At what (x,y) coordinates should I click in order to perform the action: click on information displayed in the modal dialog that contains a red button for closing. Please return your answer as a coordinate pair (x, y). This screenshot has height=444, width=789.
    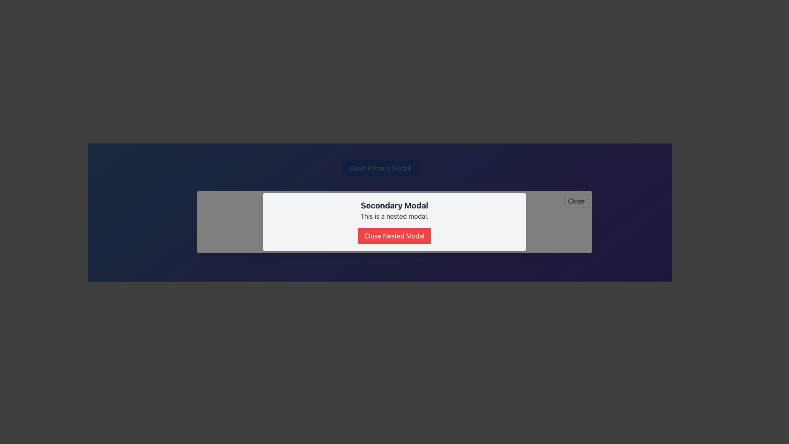
    Looking at the image, I should click on (394, 222).